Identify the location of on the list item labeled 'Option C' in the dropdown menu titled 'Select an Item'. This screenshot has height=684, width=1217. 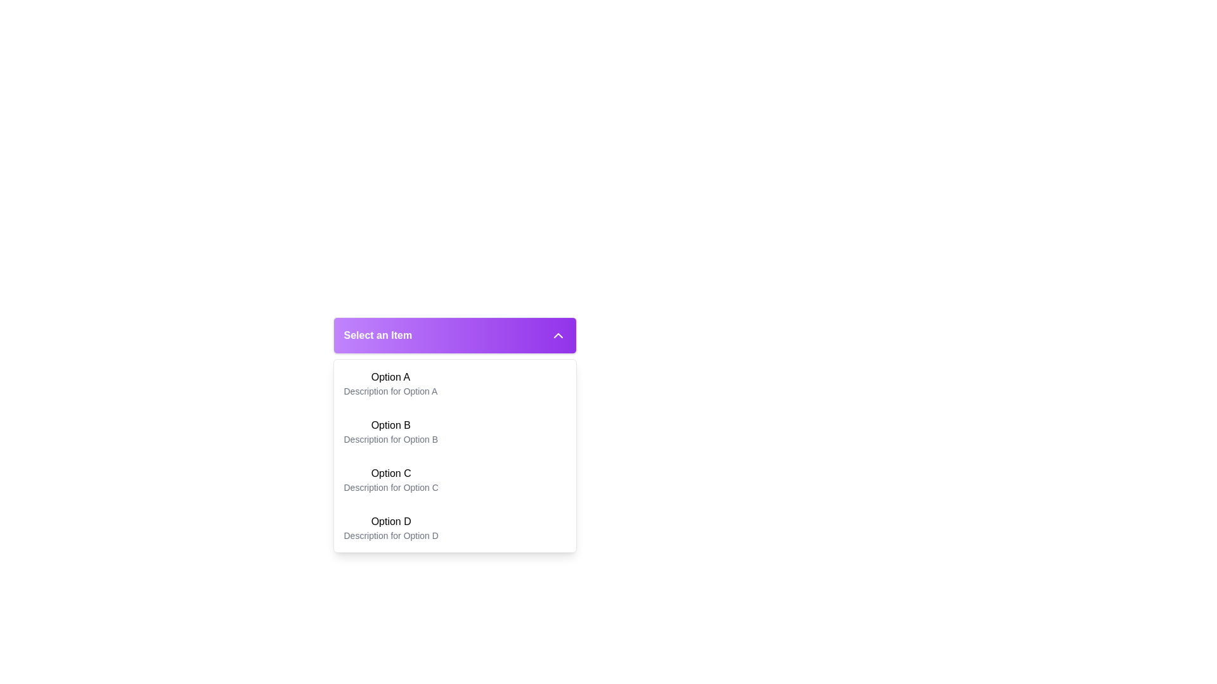
(390, 480).